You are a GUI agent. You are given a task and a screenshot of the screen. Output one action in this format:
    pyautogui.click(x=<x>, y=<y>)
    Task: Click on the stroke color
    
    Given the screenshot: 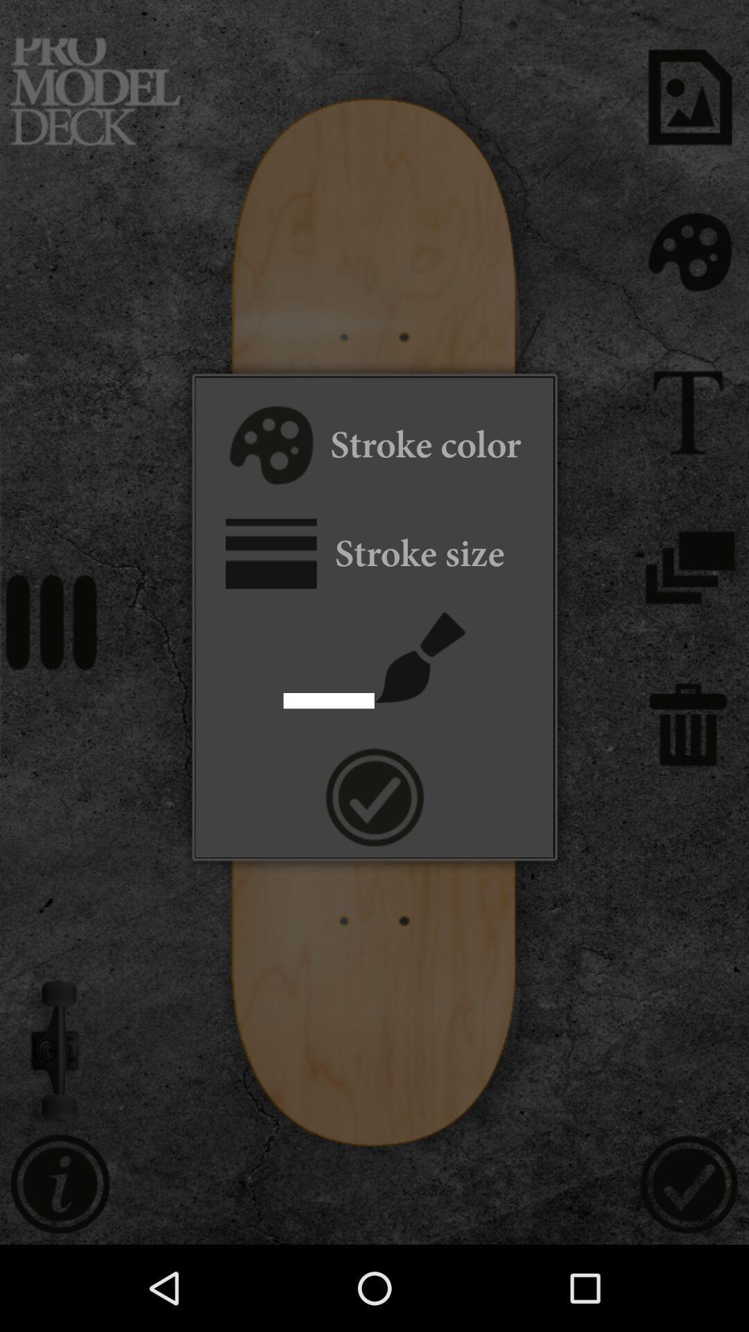 What is the action you would take?
    pyautogui.click(x=269, y=447)
    